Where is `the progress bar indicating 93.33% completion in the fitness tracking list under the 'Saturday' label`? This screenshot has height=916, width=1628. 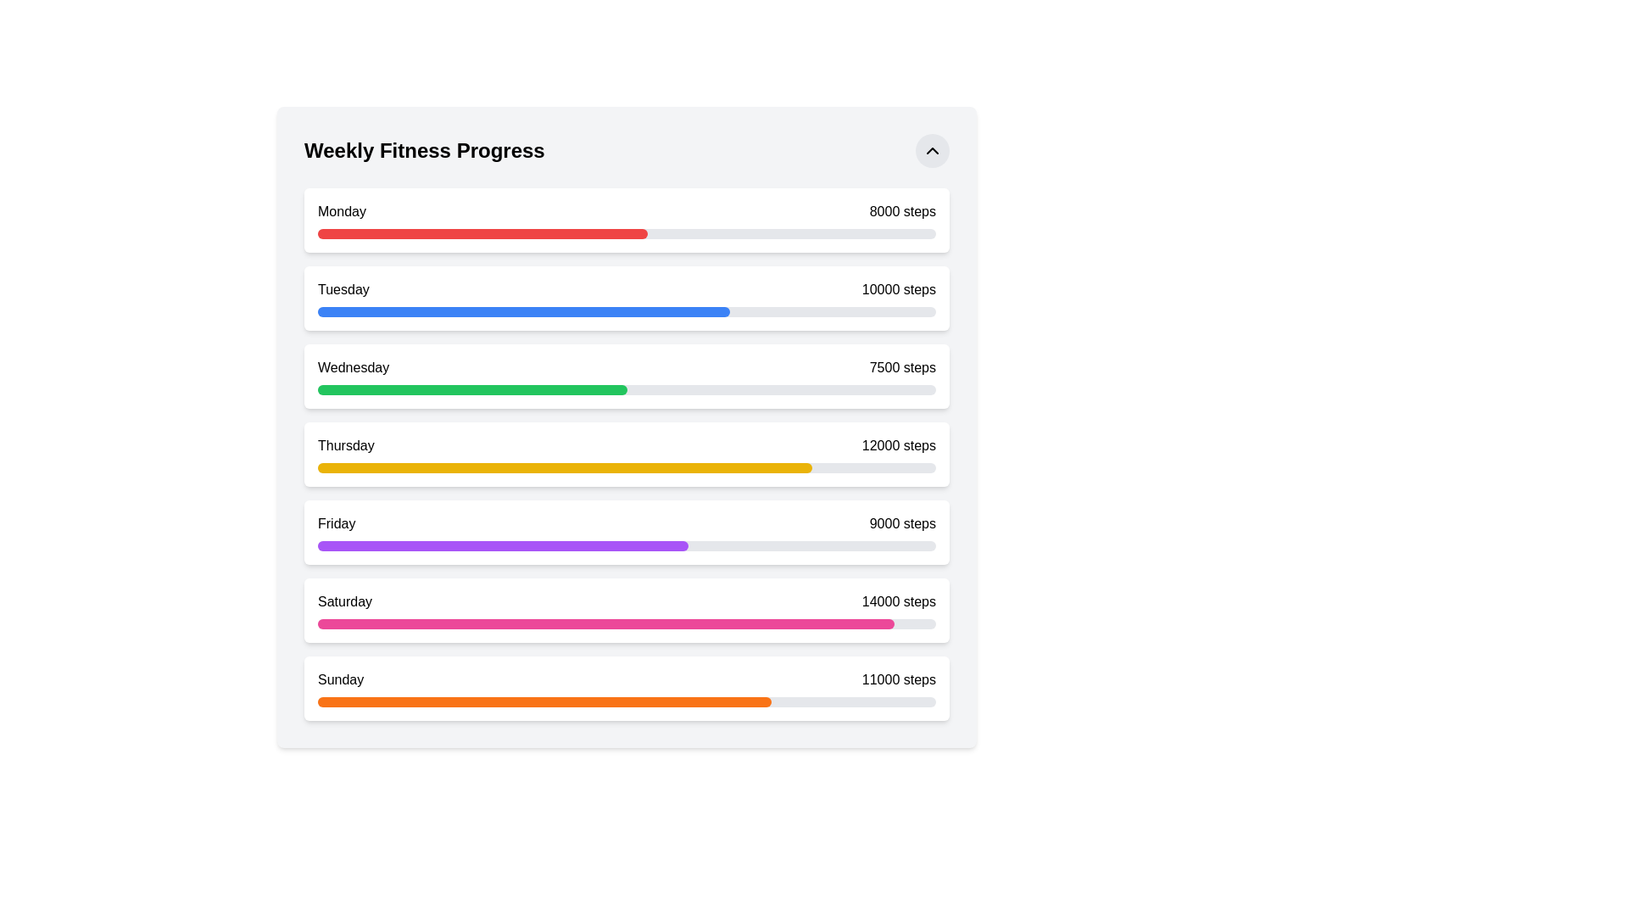
the progress bar indicating 93.33% completion in the fitness tracking list under the 'Saturday' label is located at coordinates (626, 624).